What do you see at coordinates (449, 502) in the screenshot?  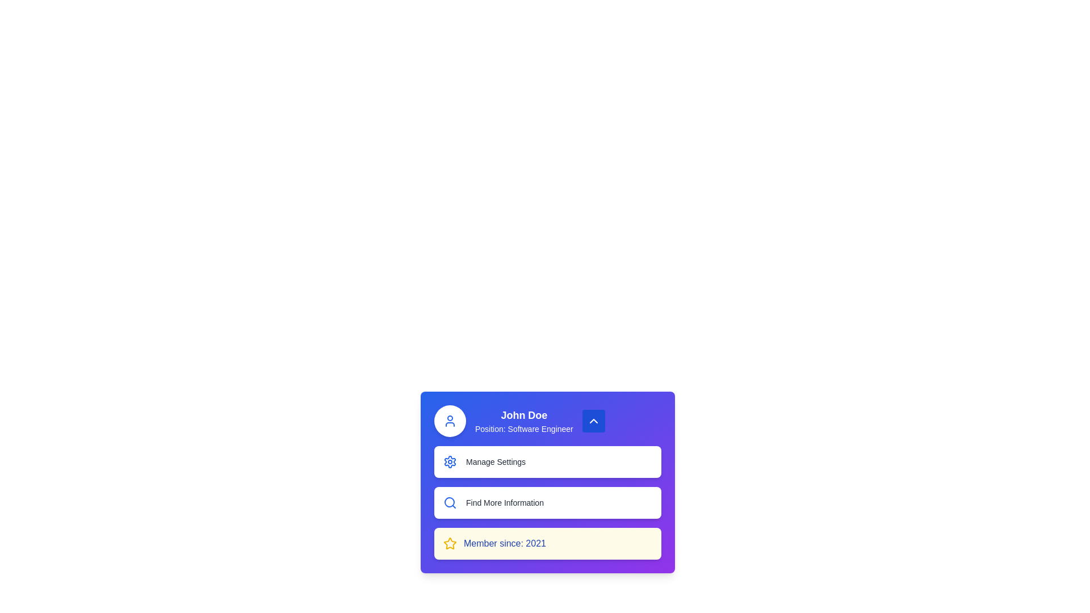 I see `the search icon located to the left of the text 'Find More Information' within the button group` at bounding box center [449, 502].